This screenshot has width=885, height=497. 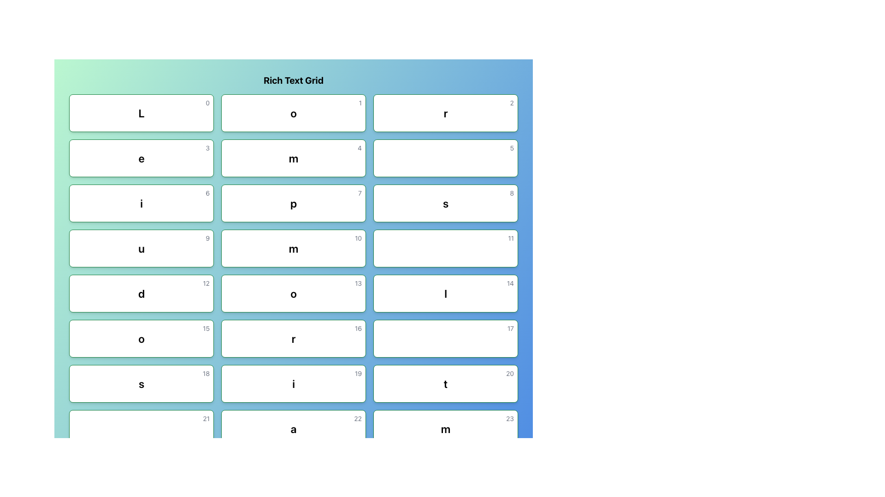 I want to click on the grid item located in the fifth row and second column, which displays the text 'm' and '10', so click(x=293, y=248).